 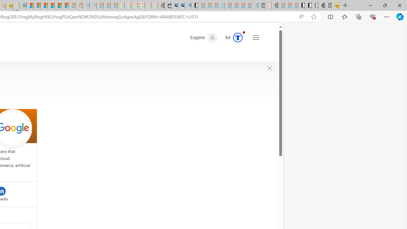 What do you see at coordinates (204, 38) in the screenshot?
I see `'Eugene'` at bounding box center [204, 38].